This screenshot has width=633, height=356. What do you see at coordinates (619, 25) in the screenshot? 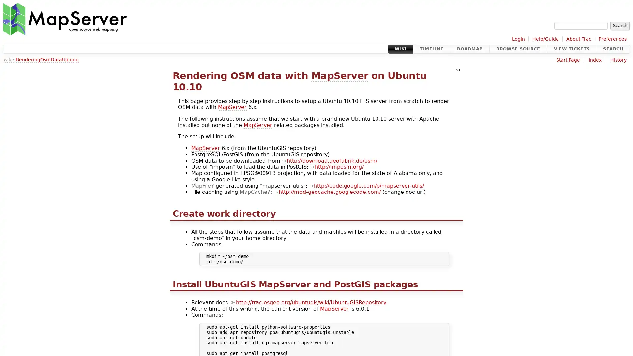
I see `Search` at bounding box center [619, 25].